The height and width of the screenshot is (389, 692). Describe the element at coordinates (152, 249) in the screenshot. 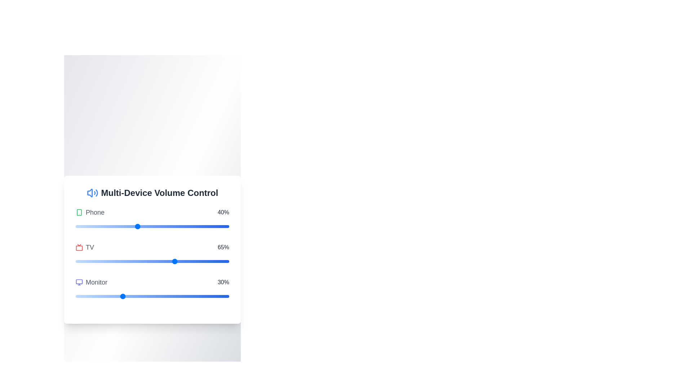

I see `the sliders or texts in the 'Multi-Device Volume Control' card, which contains controls for 'Phone', 'TV', and 'Monitor'` at that location.